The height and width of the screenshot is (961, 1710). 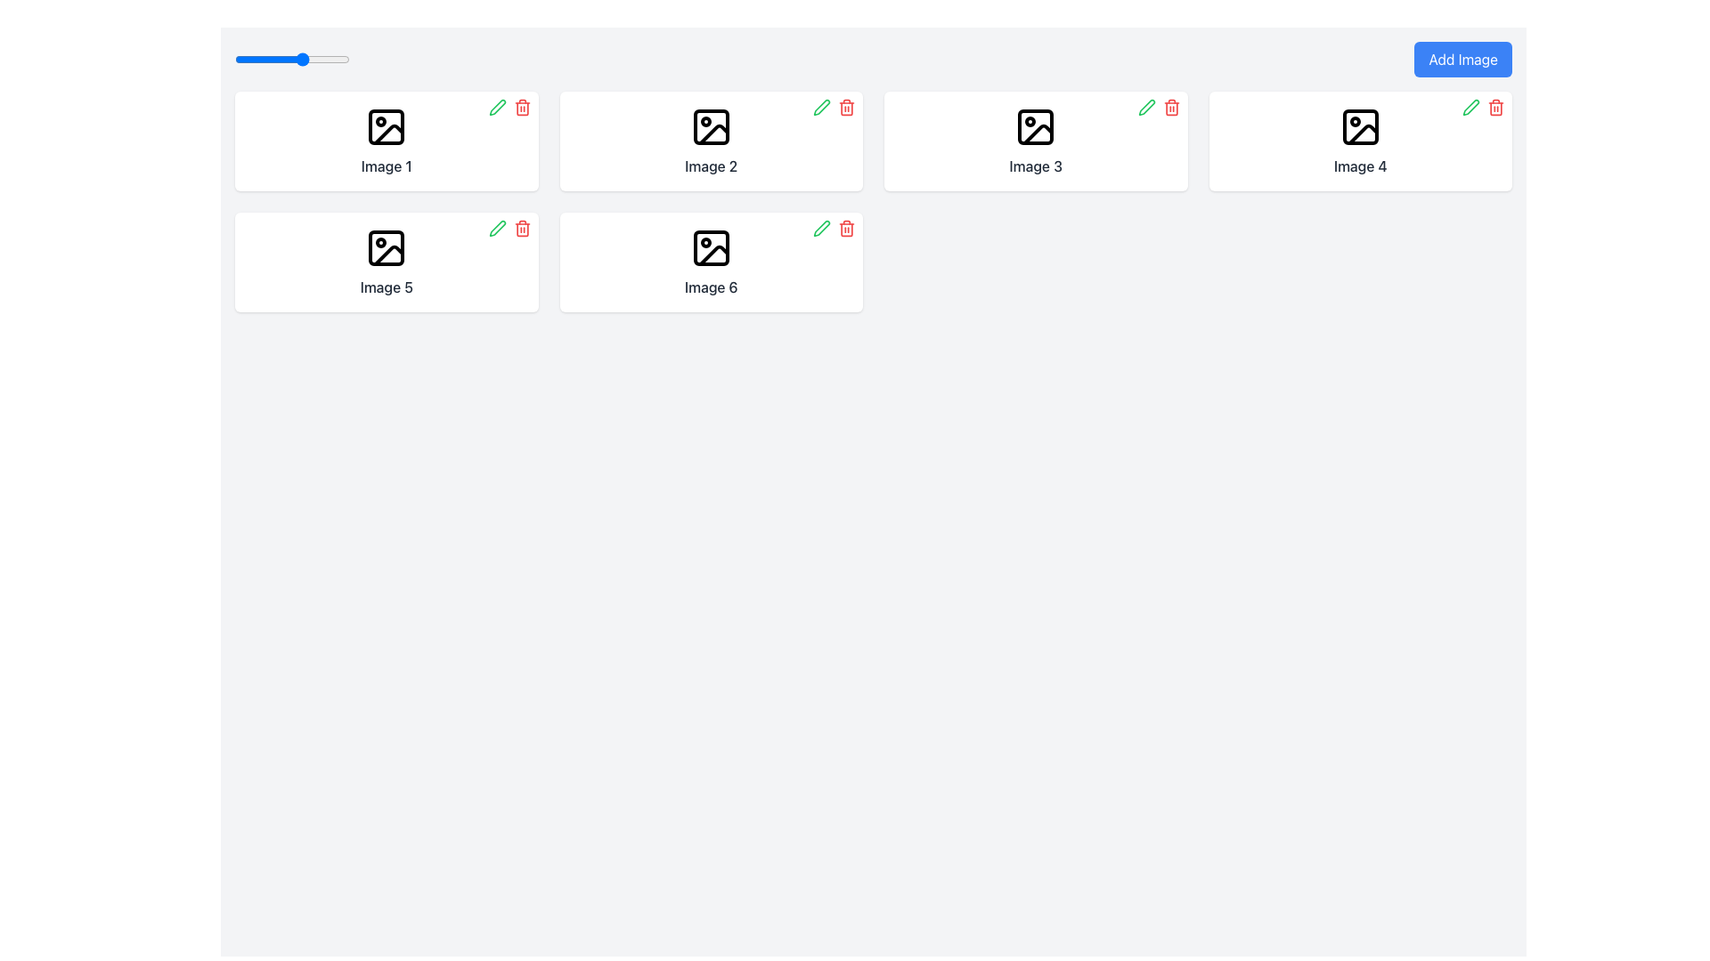 I want to click on the delete icon button located in the top-right area of the image card, so click(x=1171, y=107).